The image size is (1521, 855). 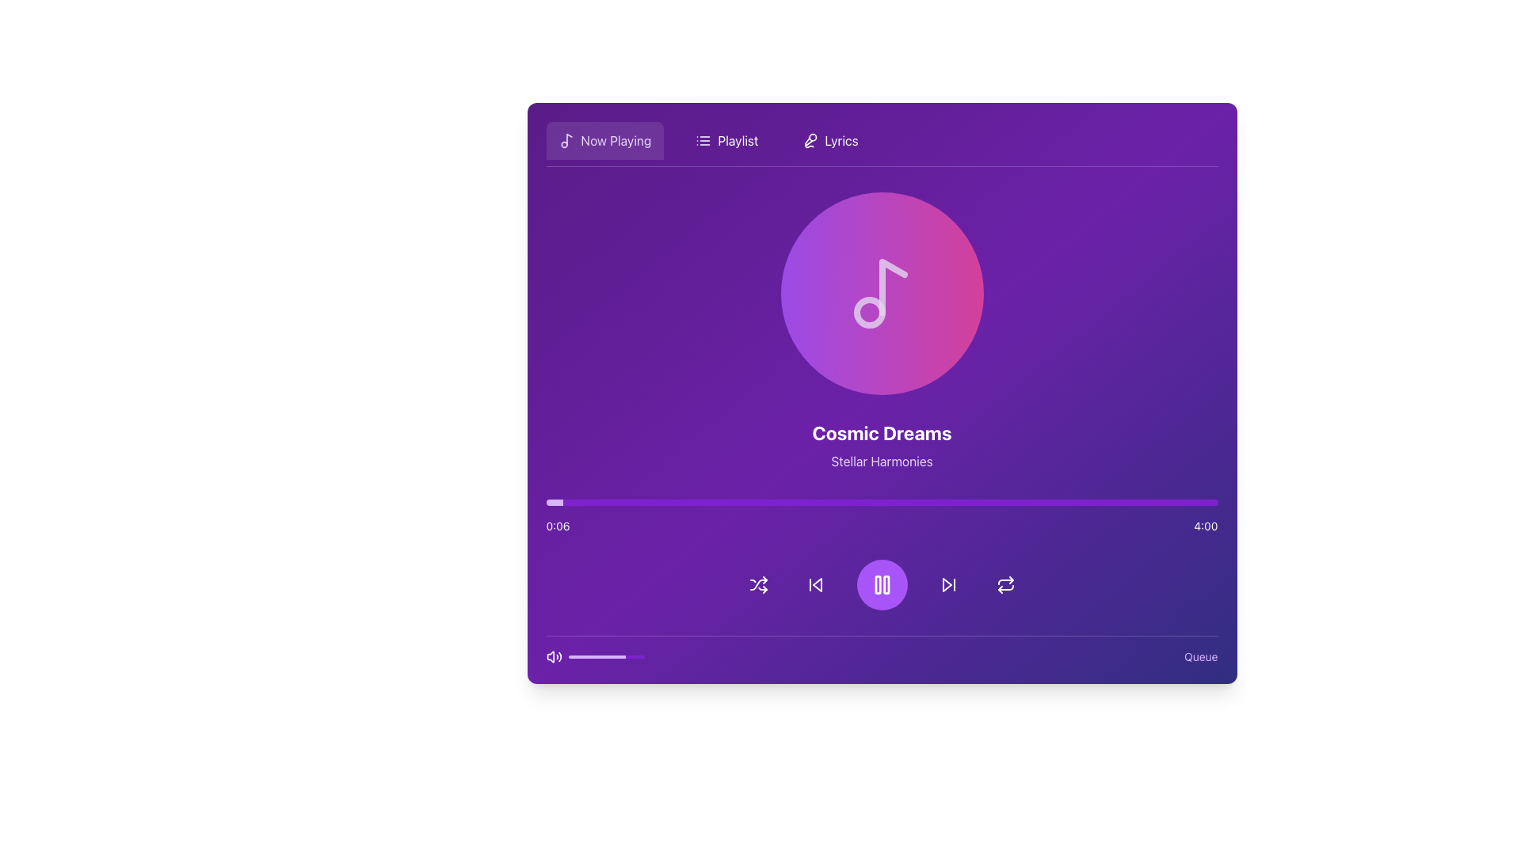 What do you see at coordinates (881, 293) in the screenshot?
I see `the decorative graphic representing the current track or album, which is centrally located in the upper section of the interface` at bounding box center [881, 293].